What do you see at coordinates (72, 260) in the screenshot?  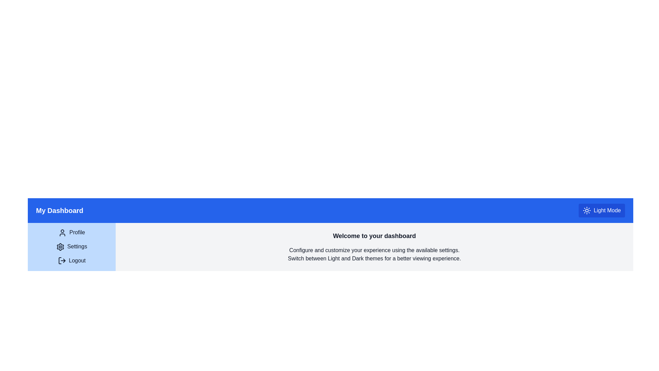 I see `the 'Logout' button, which is a pale blue rectangular button with a black arrow icon and the text 'Logout', located beneath the 'Profile' and 'Settings' buttons` at bounding box center [72, 260].